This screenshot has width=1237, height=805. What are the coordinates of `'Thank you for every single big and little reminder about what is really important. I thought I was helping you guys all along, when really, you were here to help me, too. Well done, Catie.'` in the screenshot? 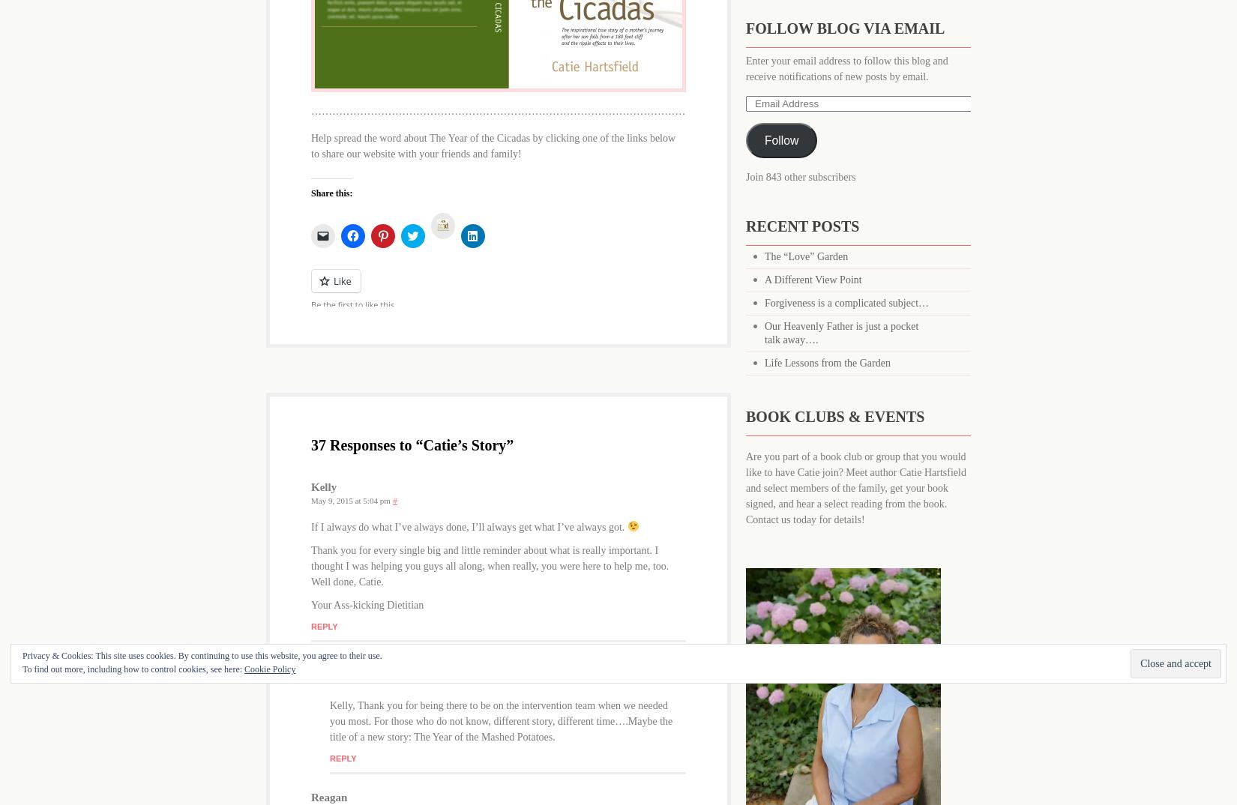 It's located at (310, 564).